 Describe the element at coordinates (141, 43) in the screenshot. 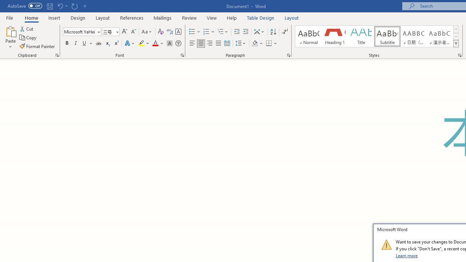

I see `'Text Highlight Color Yellow'` at that location.